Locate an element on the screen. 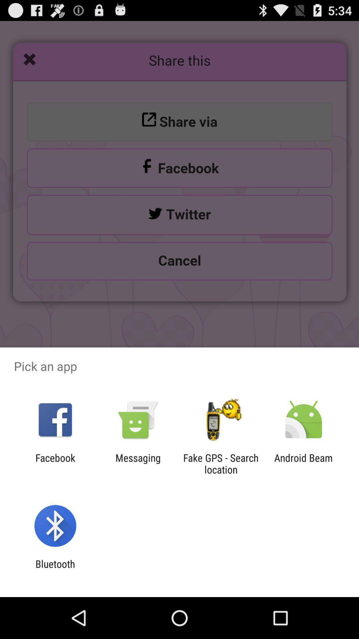 The image size is (359, 639). android beam item is located at coordinates (303, 463).